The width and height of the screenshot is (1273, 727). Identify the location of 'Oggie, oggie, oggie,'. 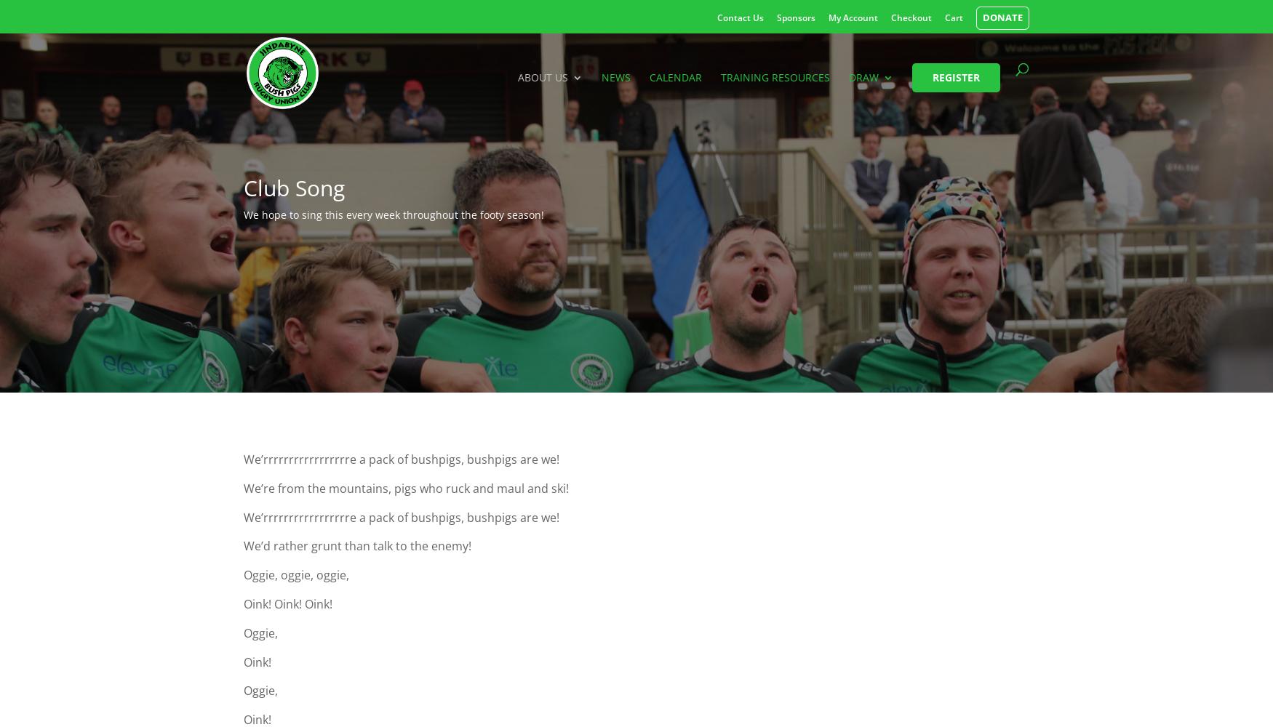
(295, 575).